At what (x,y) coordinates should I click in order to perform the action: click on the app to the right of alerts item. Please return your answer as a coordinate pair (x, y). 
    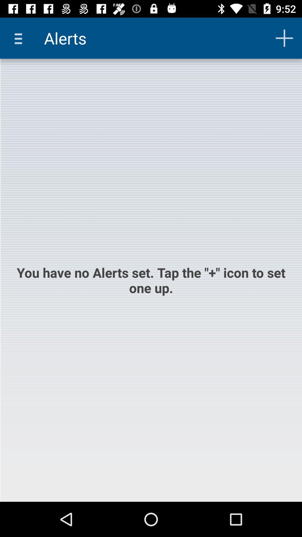
    Looking at the image, I should click on (284, 38).